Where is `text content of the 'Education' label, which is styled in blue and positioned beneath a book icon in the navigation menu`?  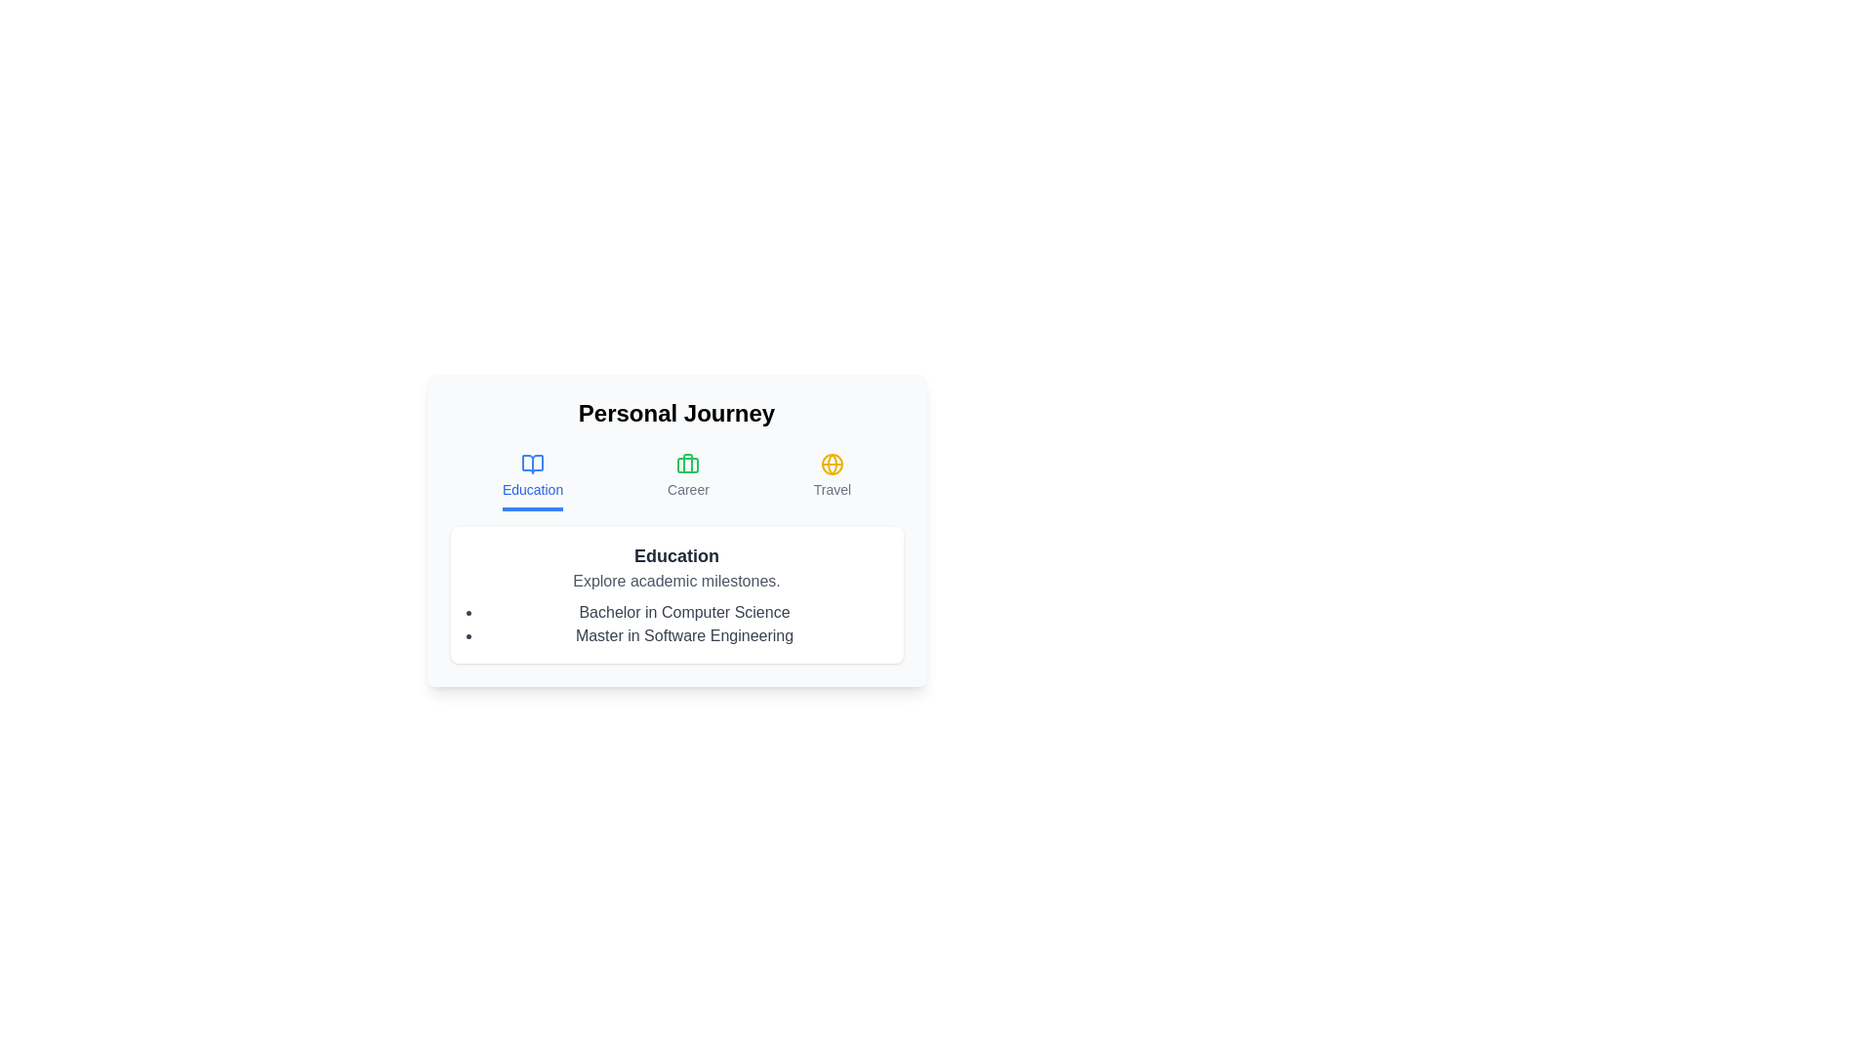
text content of the 'Education' label, which is styled in blue and positioned beneath a book icon in the navigation menu is located at coordinates (533, 488).